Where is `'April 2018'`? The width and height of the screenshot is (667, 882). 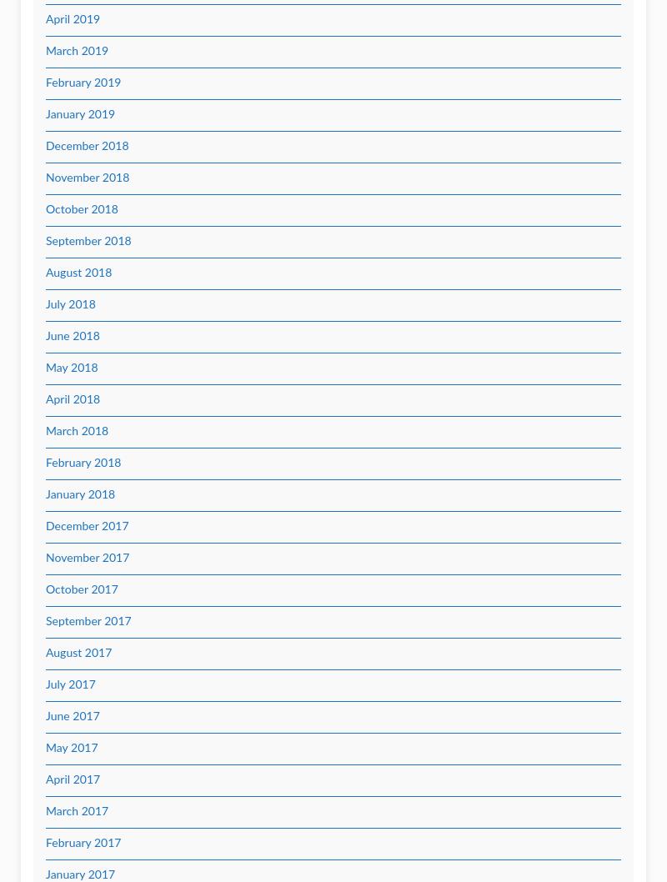
'April 2018' is located at coordinates (73, 399).